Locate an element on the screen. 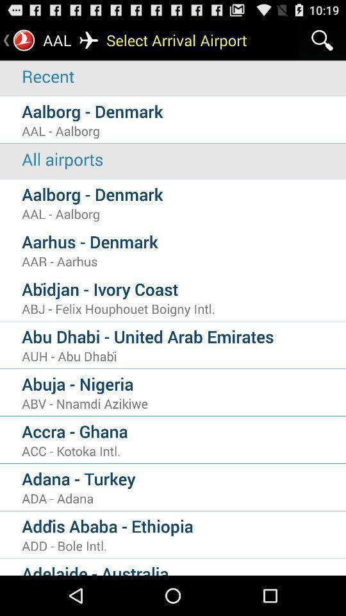  the icon below aal - aalborg item is located at coordinates (183, 158).